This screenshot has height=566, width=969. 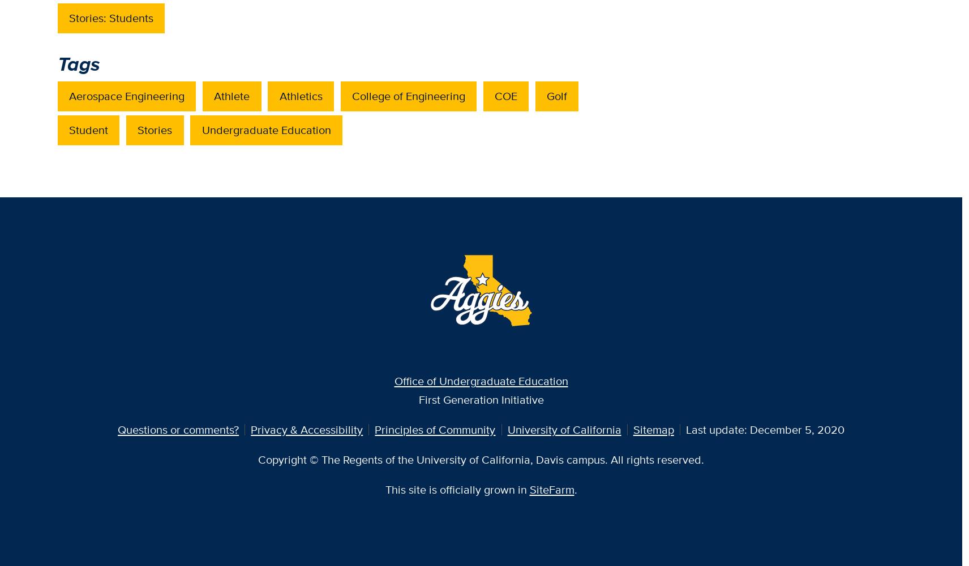 What do you see at coordinates (457, 489) in the screenshot?
I see `'This site is officially grown in'` at bounding box center [457, 489].